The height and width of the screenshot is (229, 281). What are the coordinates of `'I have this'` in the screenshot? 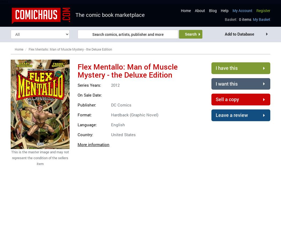 It's located at (227, 67).